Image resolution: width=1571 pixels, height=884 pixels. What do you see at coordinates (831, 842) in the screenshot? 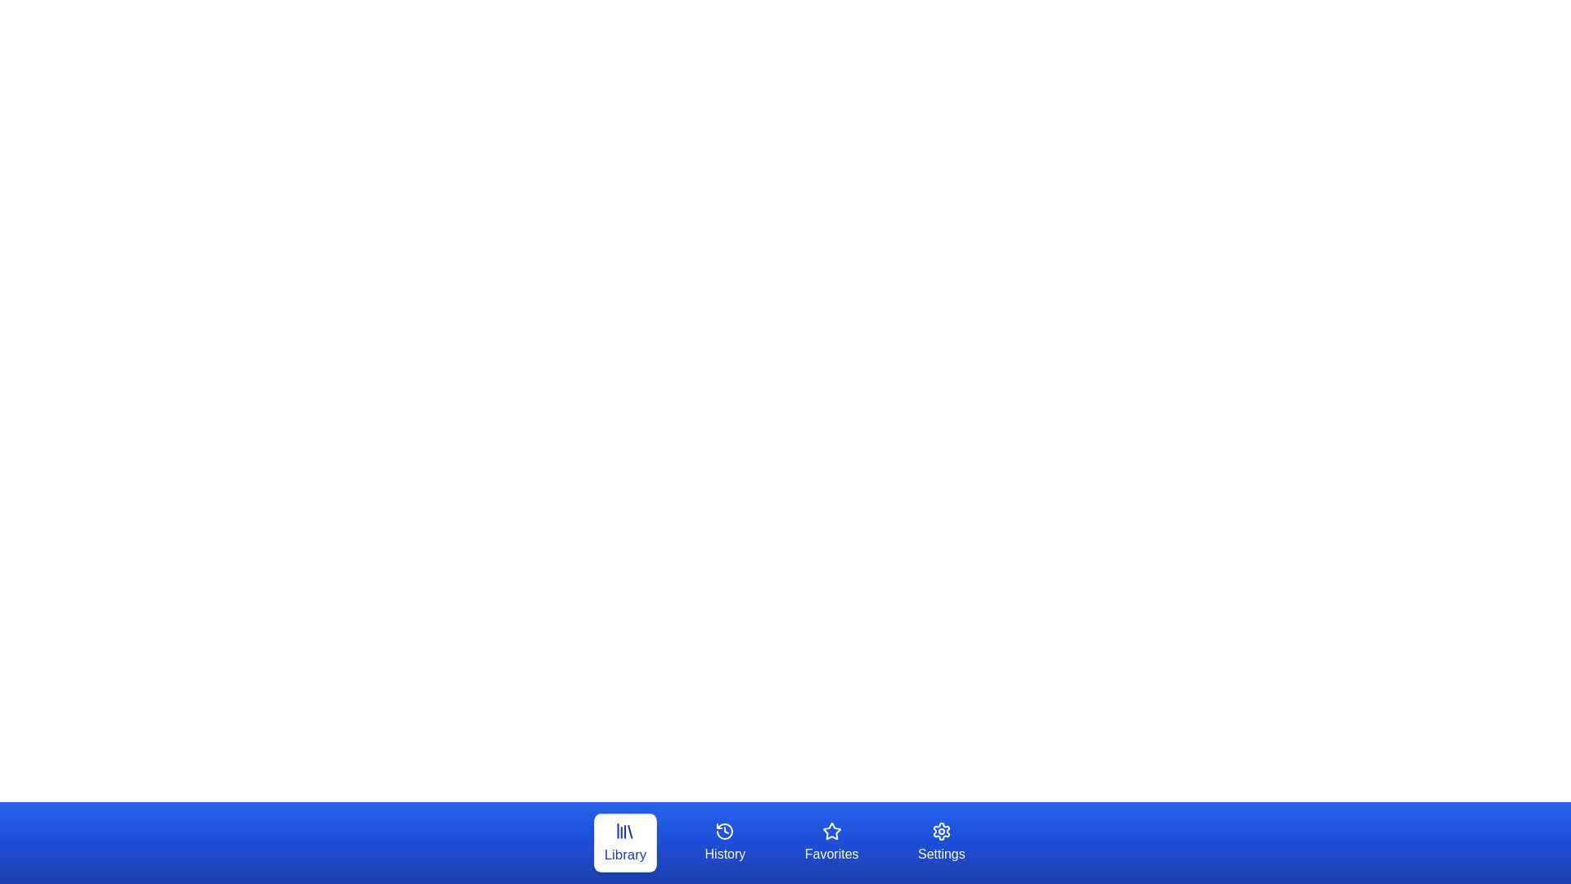
I see `the button labeled Favorites` at bounding box center [831, 842].